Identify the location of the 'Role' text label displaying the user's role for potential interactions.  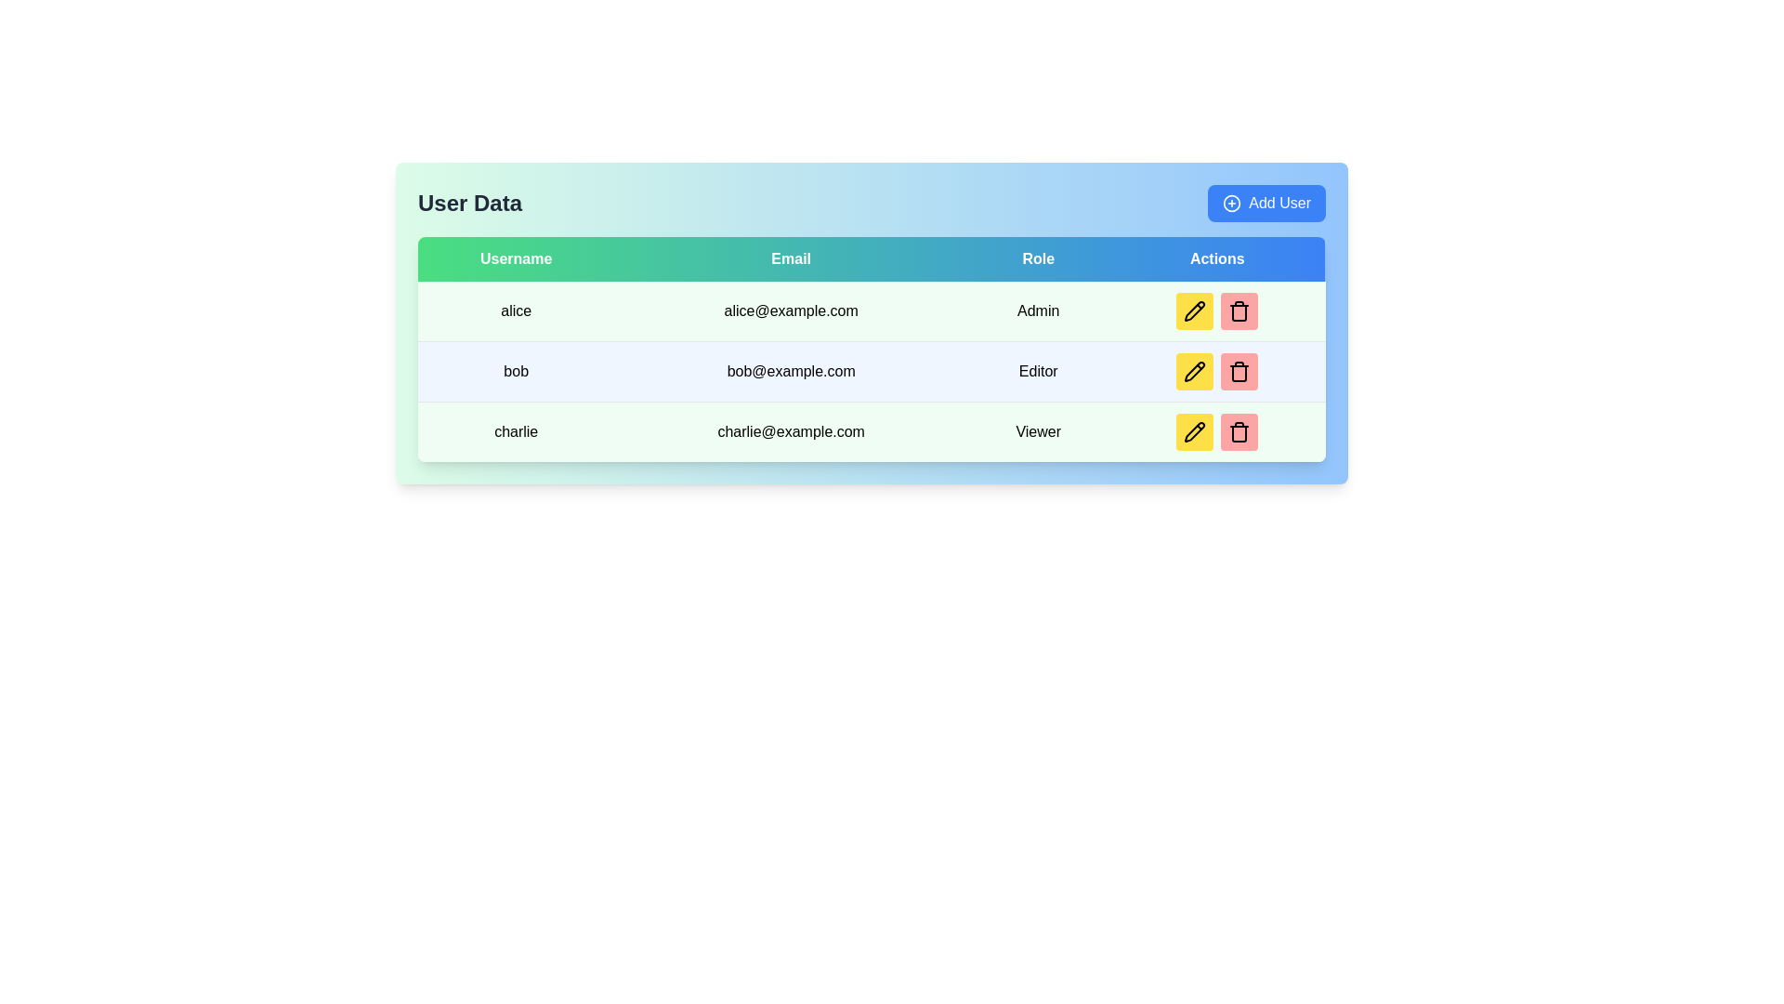
(1037, 310).